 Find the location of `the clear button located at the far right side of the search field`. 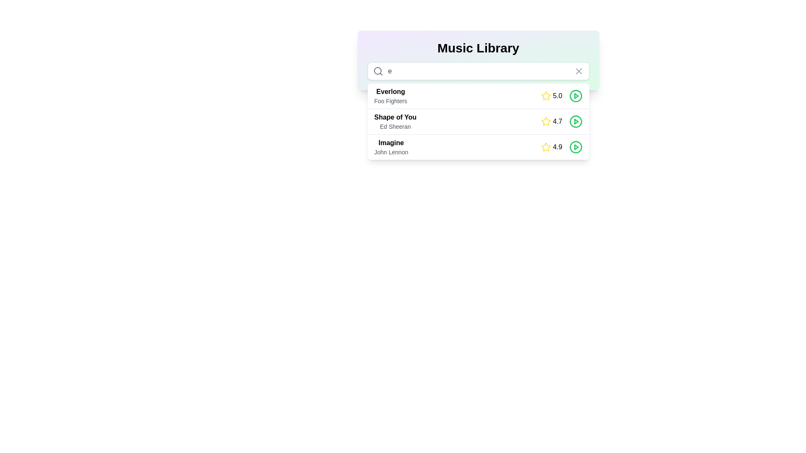

the clear button located at the far right side of the search field is located at coordinates (578, 70).